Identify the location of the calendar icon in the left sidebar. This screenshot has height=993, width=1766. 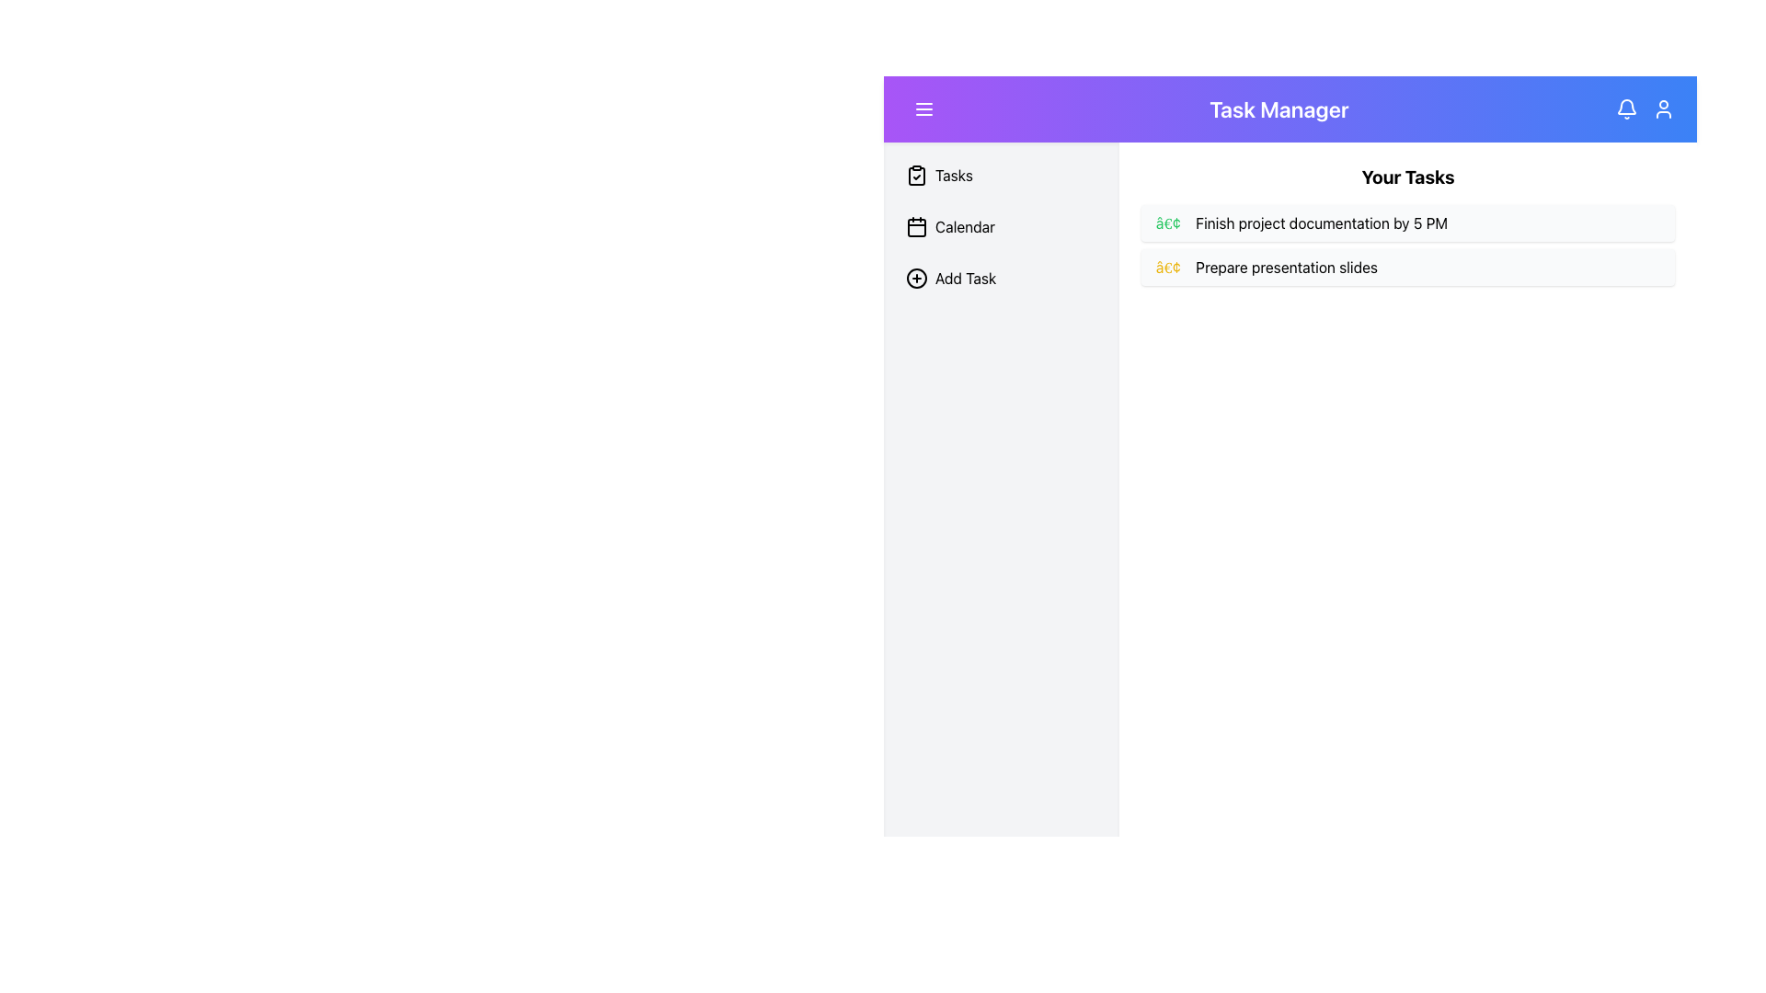
(917, 225).